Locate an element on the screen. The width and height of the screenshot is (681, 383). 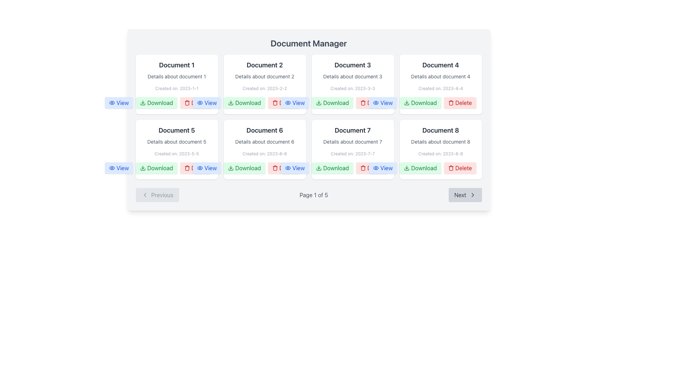
the pagination control's page indicator located at the center of the navigation component, specifically the text indicator 'Page 1 of 5' is located at coordinates (309, 195).